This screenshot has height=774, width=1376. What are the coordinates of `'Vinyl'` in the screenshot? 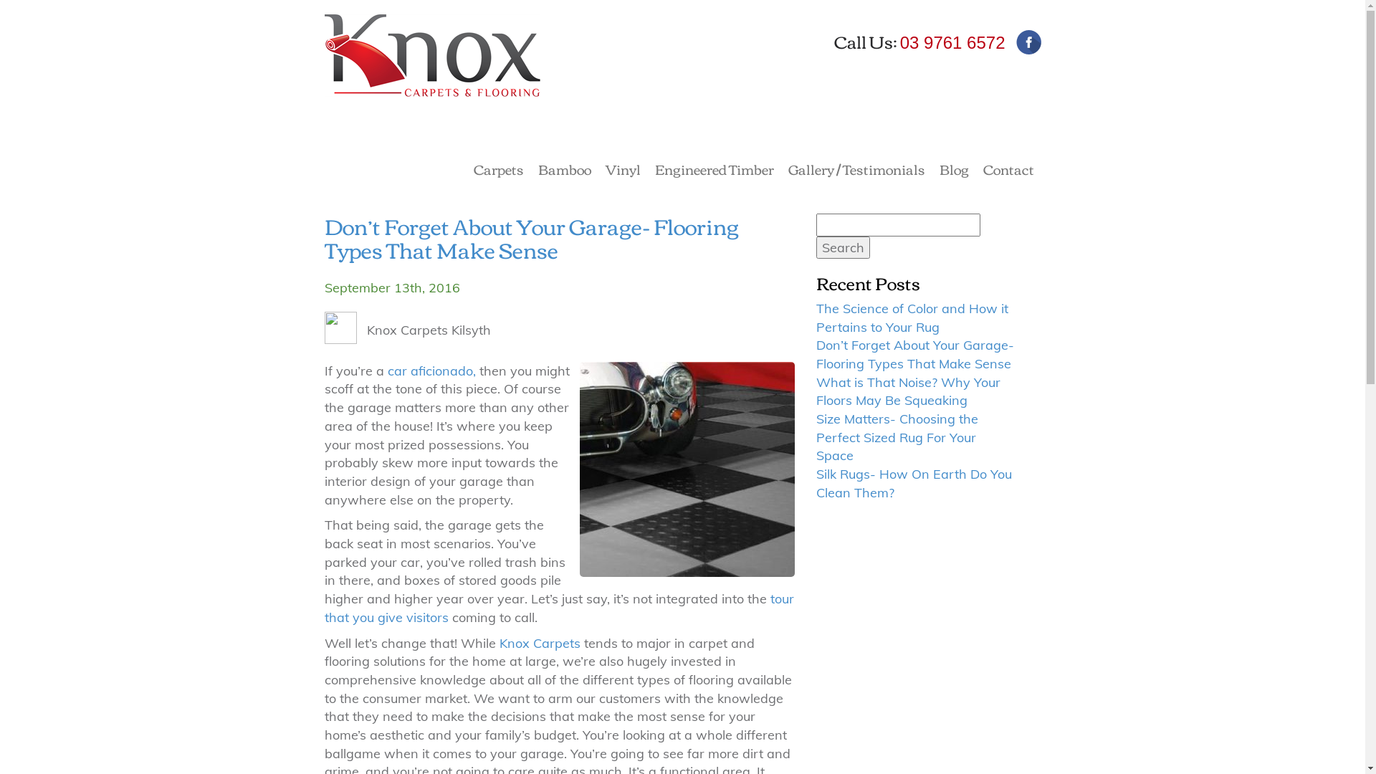 It's located at (598, 171).